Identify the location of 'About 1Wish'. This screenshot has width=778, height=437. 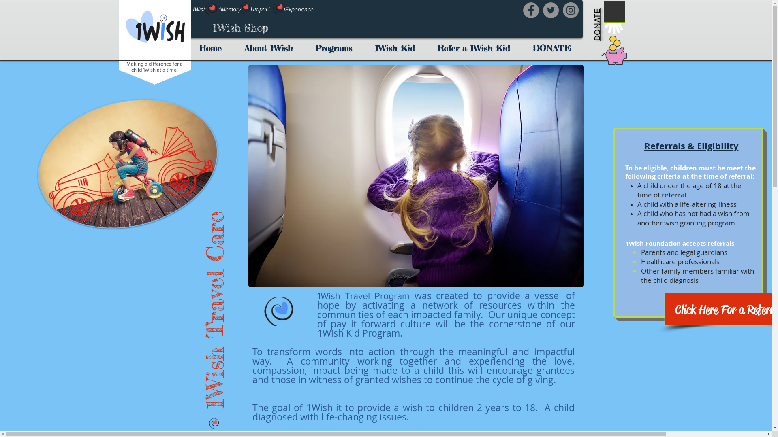
(271, 47).